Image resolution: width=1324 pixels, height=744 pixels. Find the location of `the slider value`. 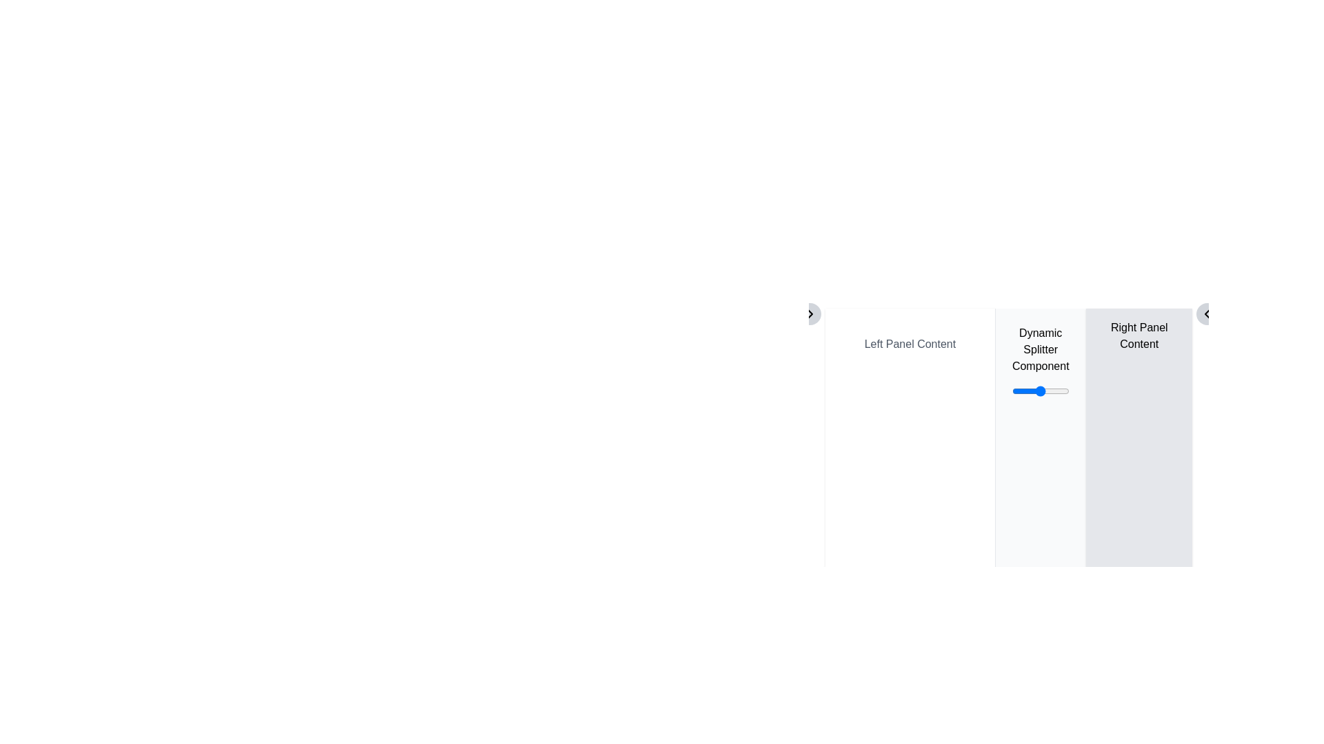

the slider value is located at coordinates (1054, 391).